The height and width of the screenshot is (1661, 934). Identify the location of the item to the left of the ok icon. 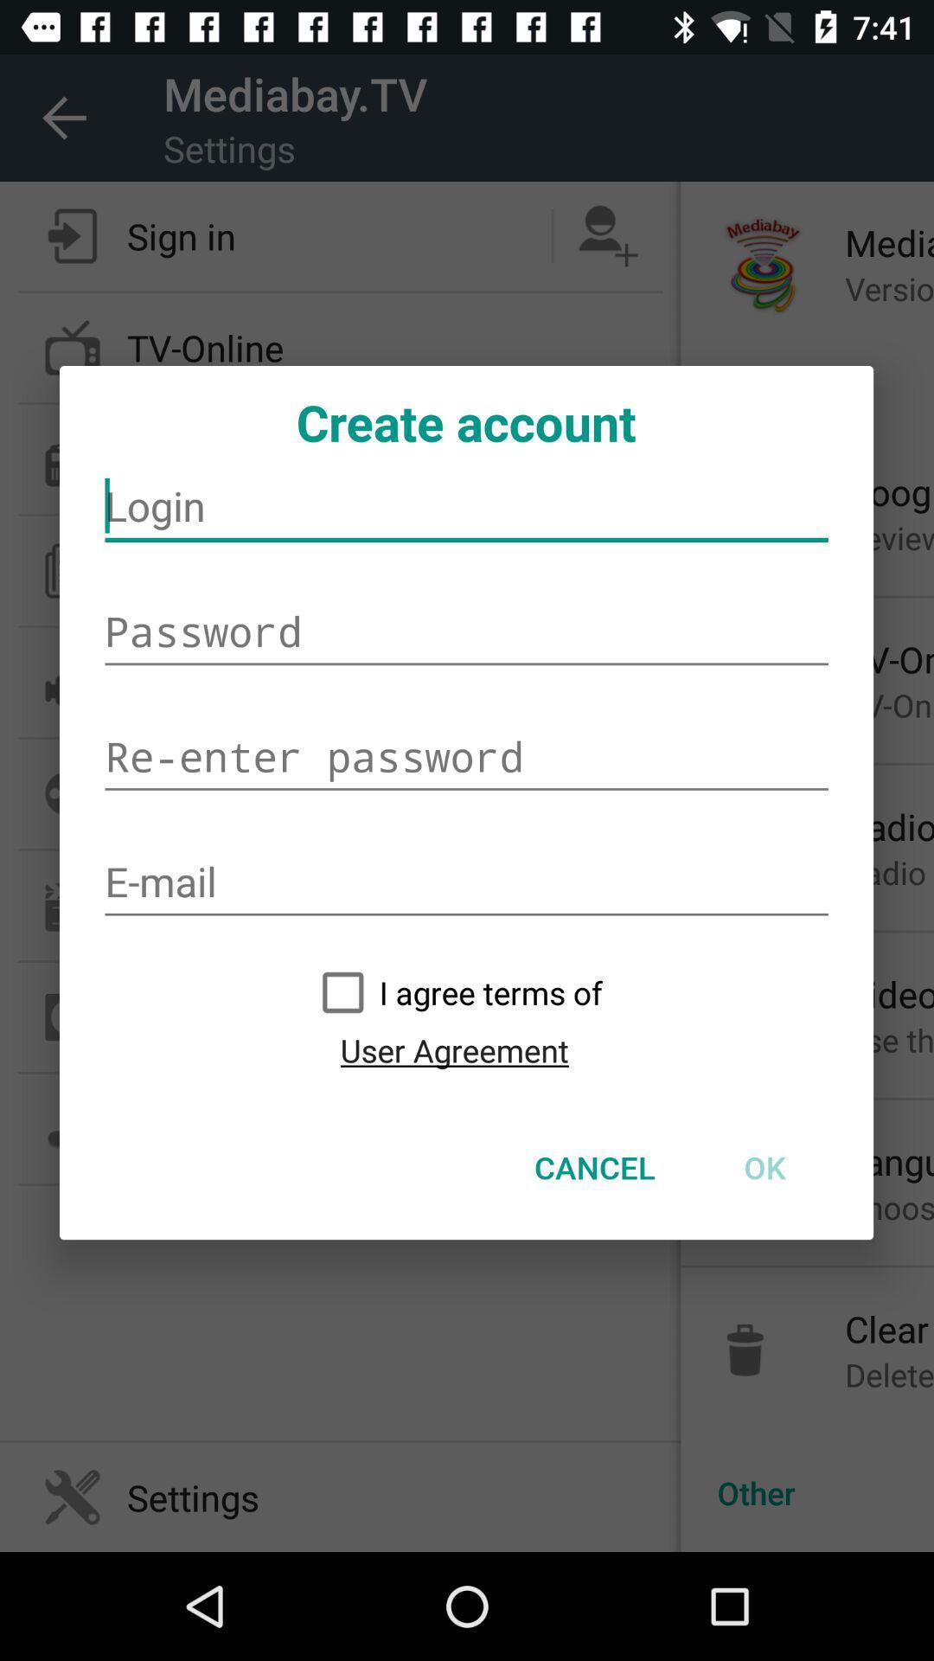
(594, 1167).